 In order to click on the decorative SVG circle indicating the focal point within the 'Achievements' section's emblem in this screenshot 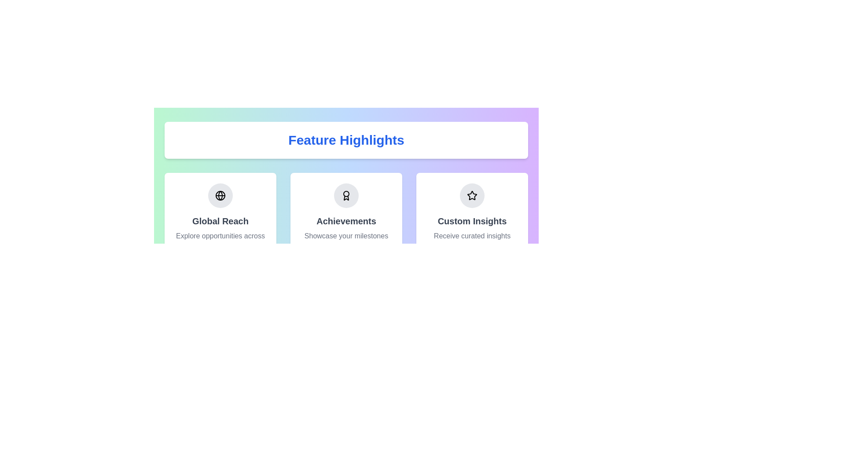, I will do `click(346, 193)`.